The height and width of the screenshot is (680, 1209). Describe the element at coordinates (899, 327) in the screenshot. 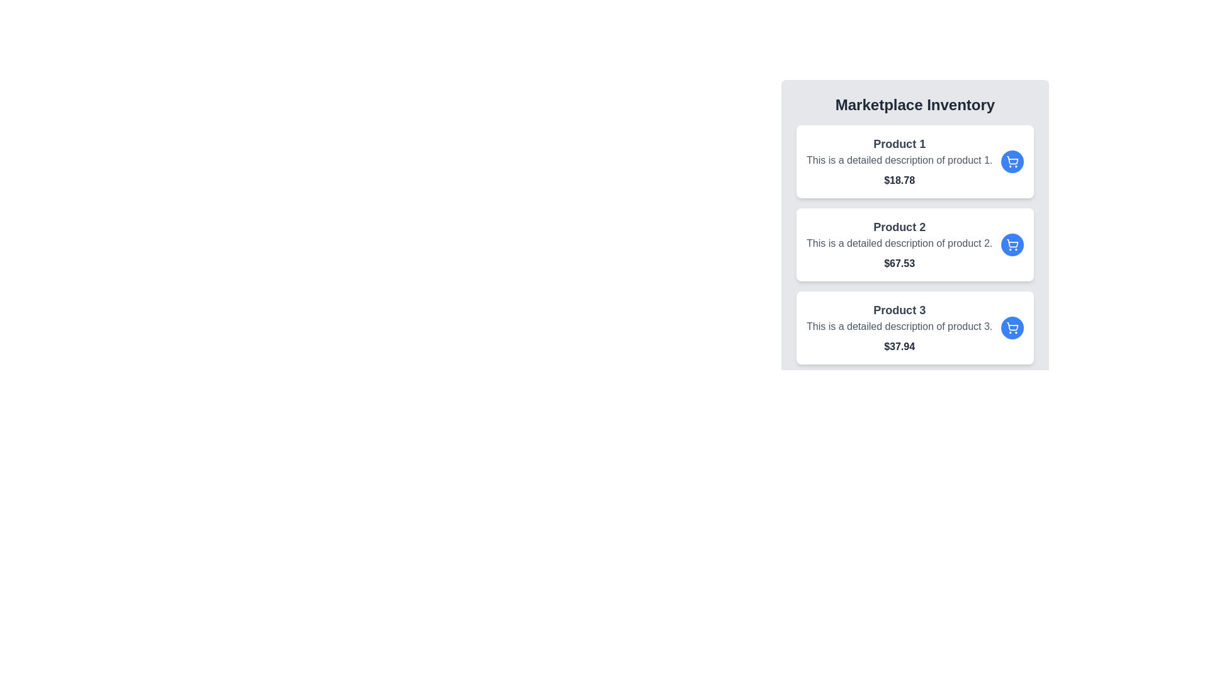

I see `description text of the Text block labeled 'Product 3', which states 'This is a detailed description of product 3.'` at that location.